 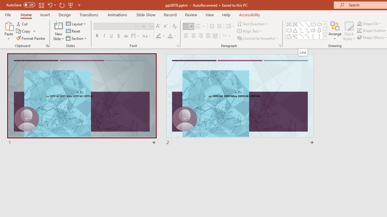 What do you see at coordinates (289, 24) in the screenshot?
I see `'Text Box'` at bounding box center [289, 24].